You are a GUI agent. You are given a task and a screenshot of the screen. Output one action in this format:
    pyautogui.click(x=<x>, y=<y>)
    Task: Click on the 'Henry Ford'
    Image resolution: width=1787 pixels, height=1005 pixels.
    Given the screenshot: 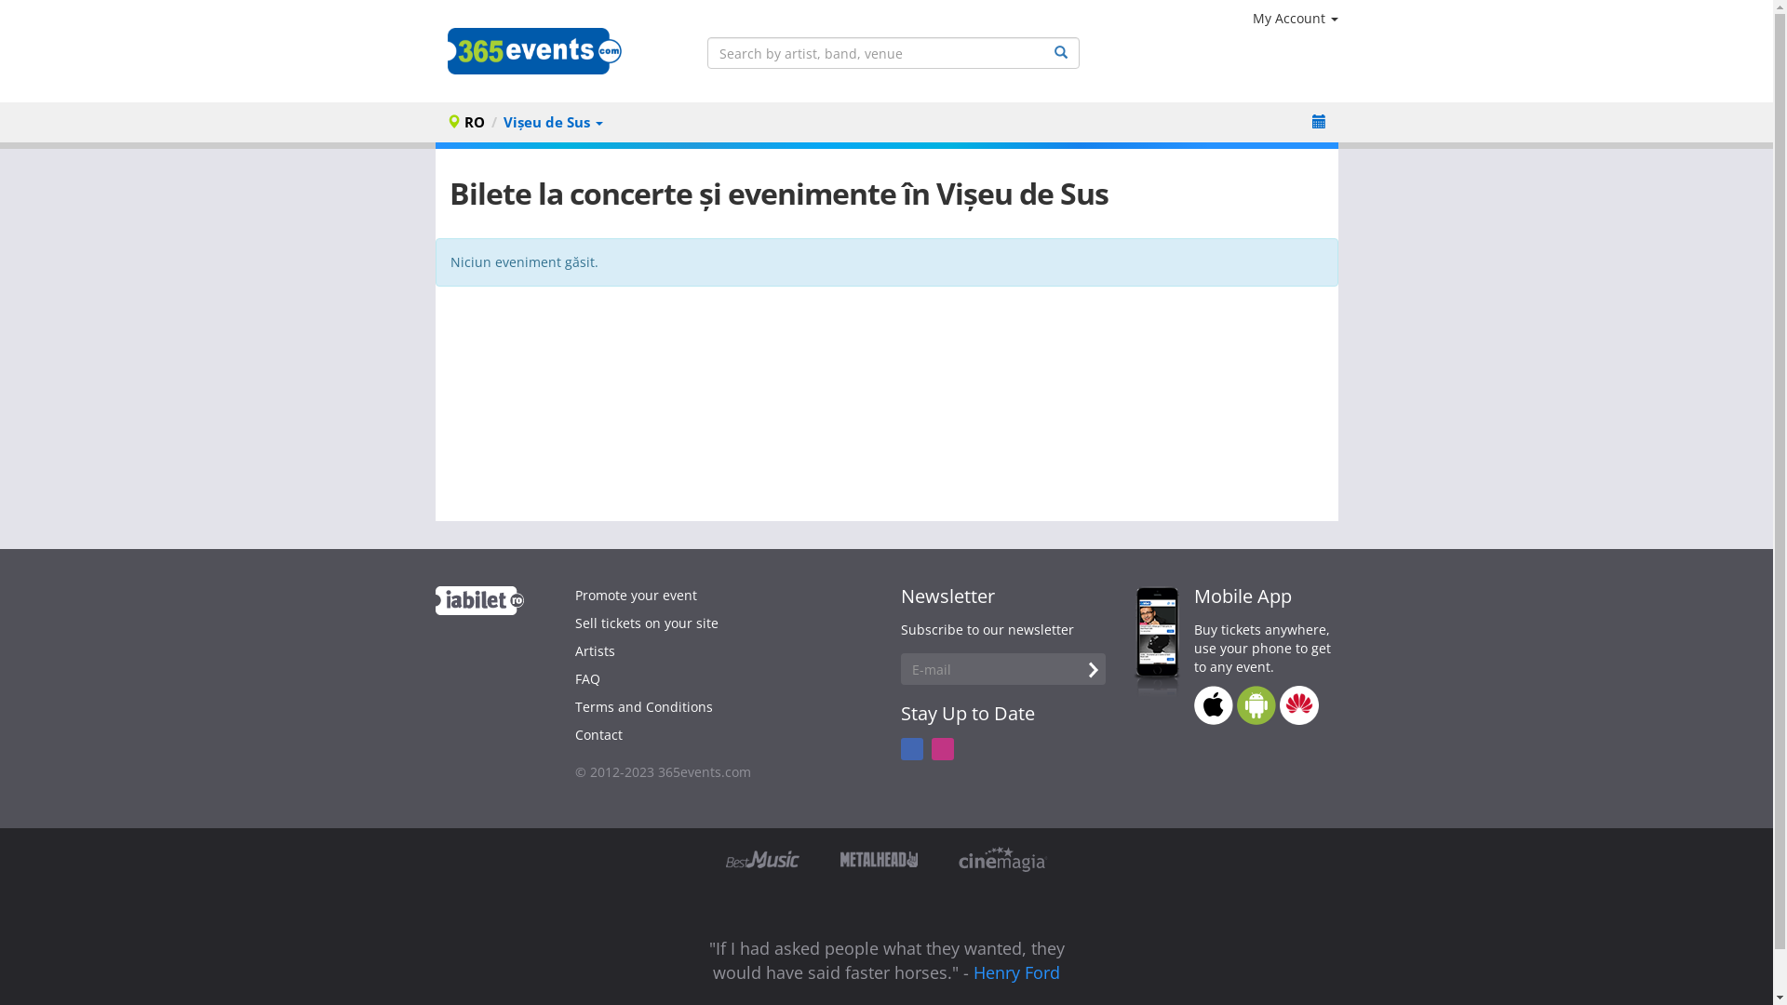 What is the action you would take?
    pyautogui.click(x=1015, y=971)
    